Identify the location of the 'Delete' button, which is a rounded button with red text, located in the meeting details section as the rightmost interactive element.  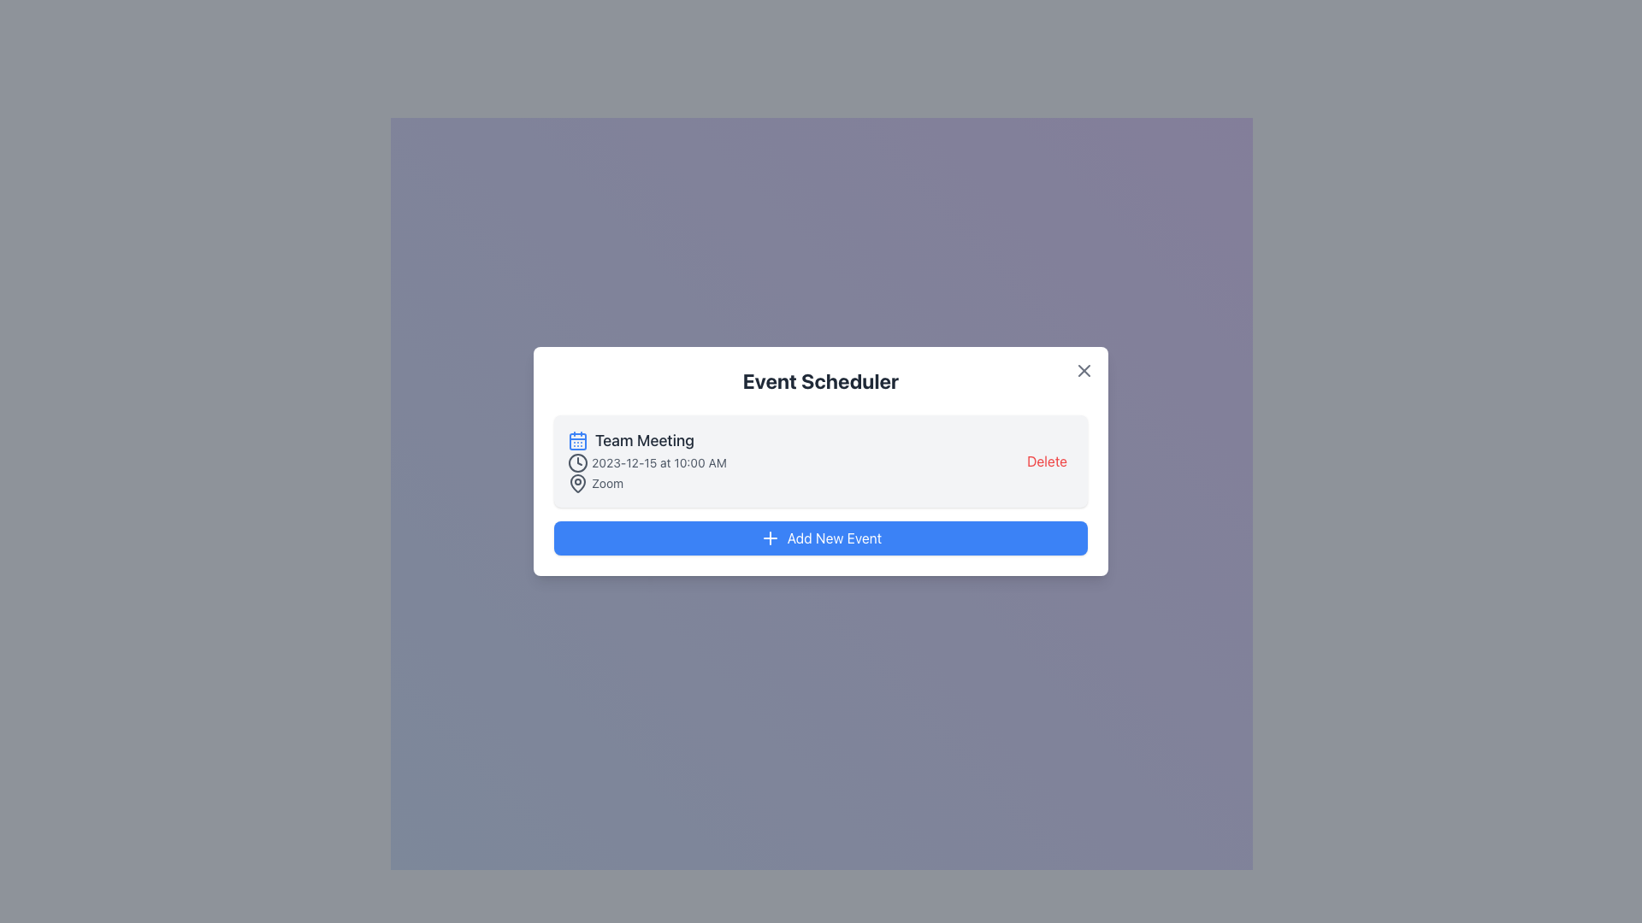
(1046, 461).